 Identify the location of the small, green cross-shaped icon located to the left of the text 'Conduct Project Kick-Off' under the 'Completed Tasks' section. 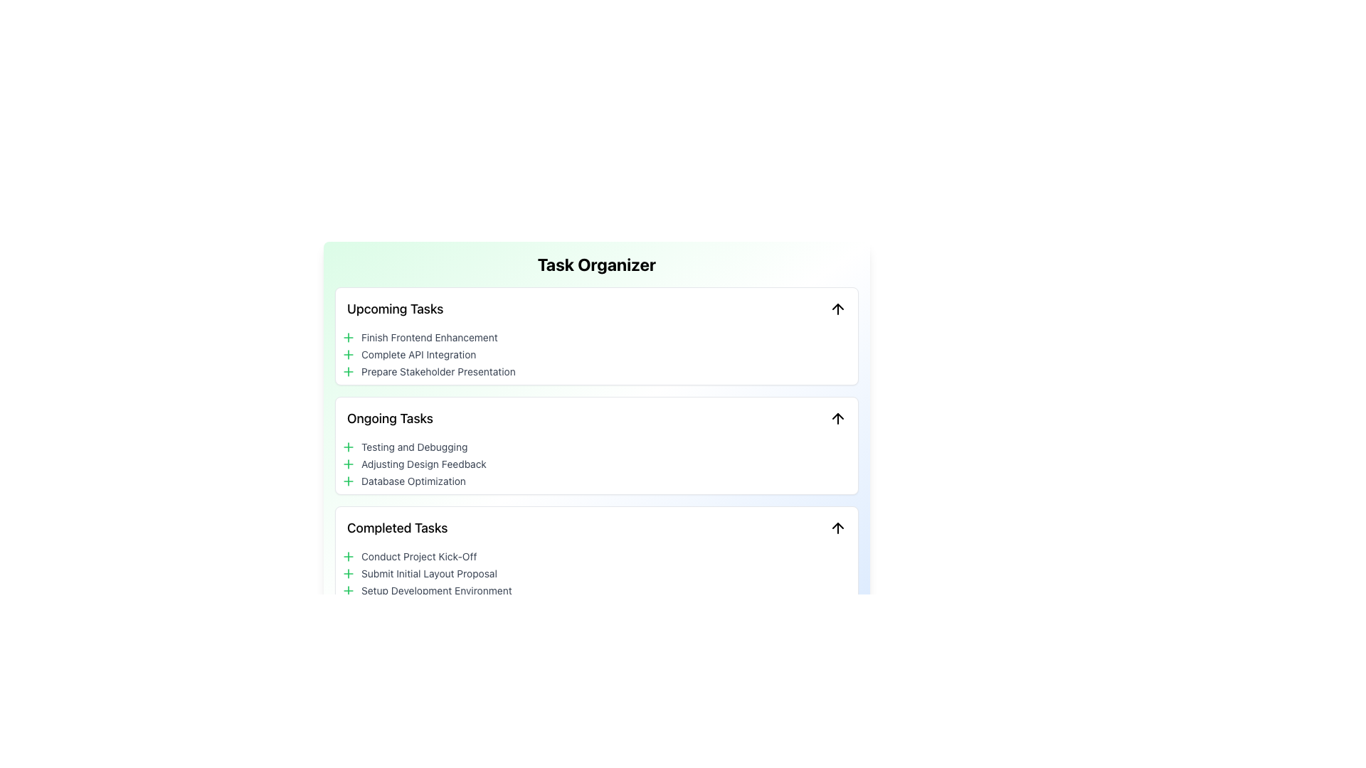
(348, 556).